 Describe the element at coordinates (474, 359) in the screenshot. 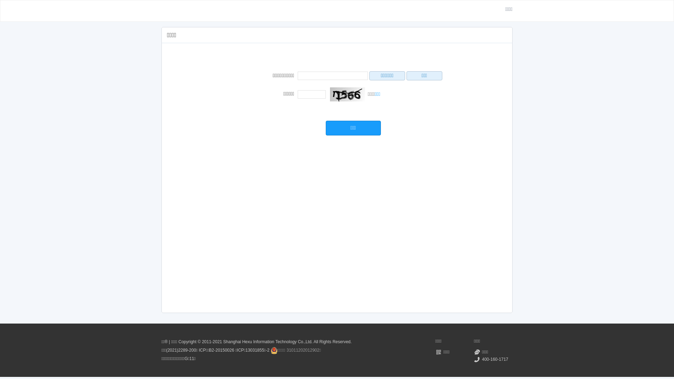

I see `'400-160-1717'` at that location.